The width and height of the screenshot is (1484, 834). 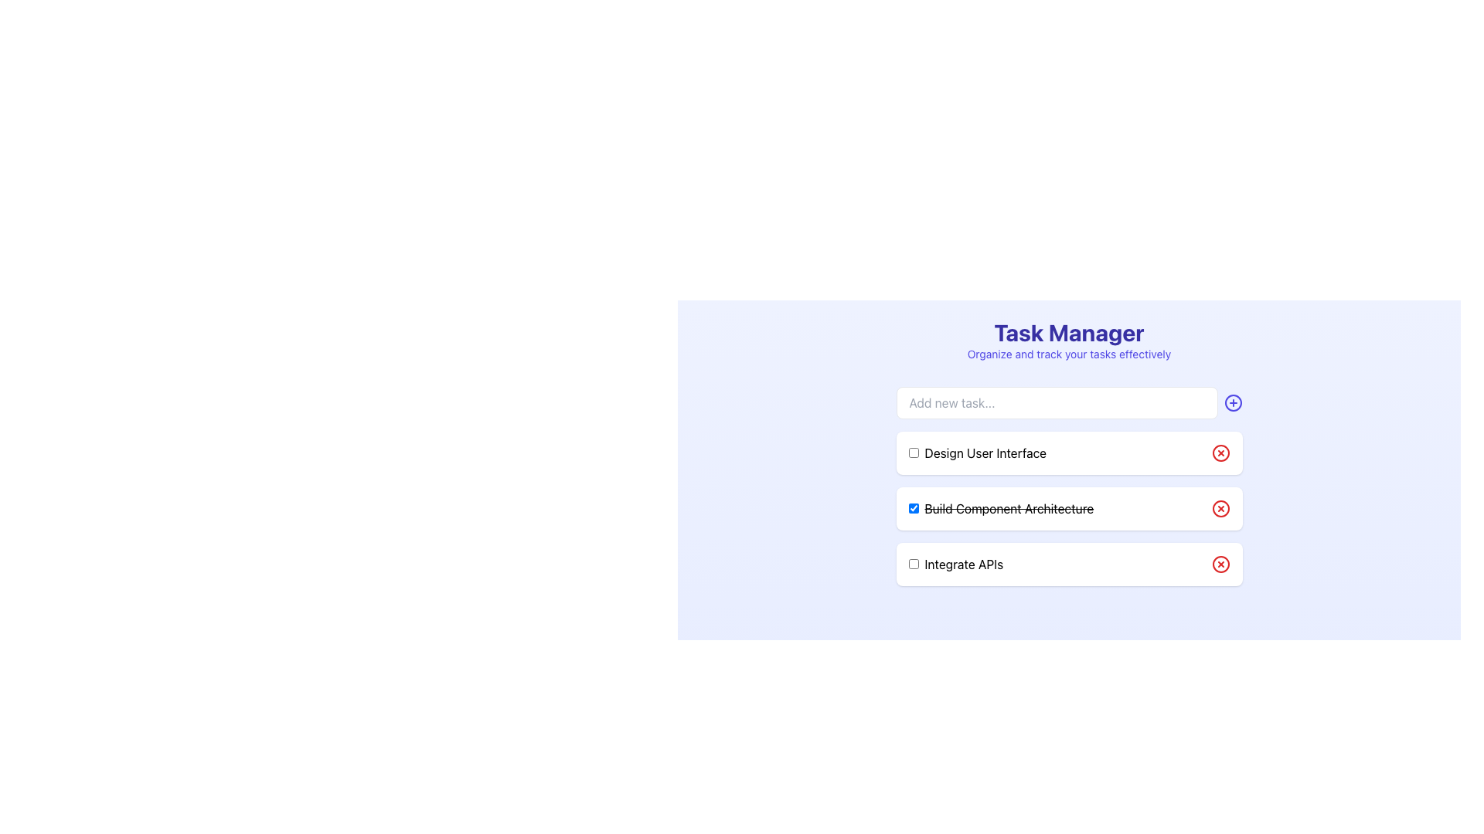 What do you see at coordinates (913, 452) in the screenshot?
I see `the checkbox for the task 'Design User Interface' located at the far left of the first task item in the task list` at bounding box center [913, 452].